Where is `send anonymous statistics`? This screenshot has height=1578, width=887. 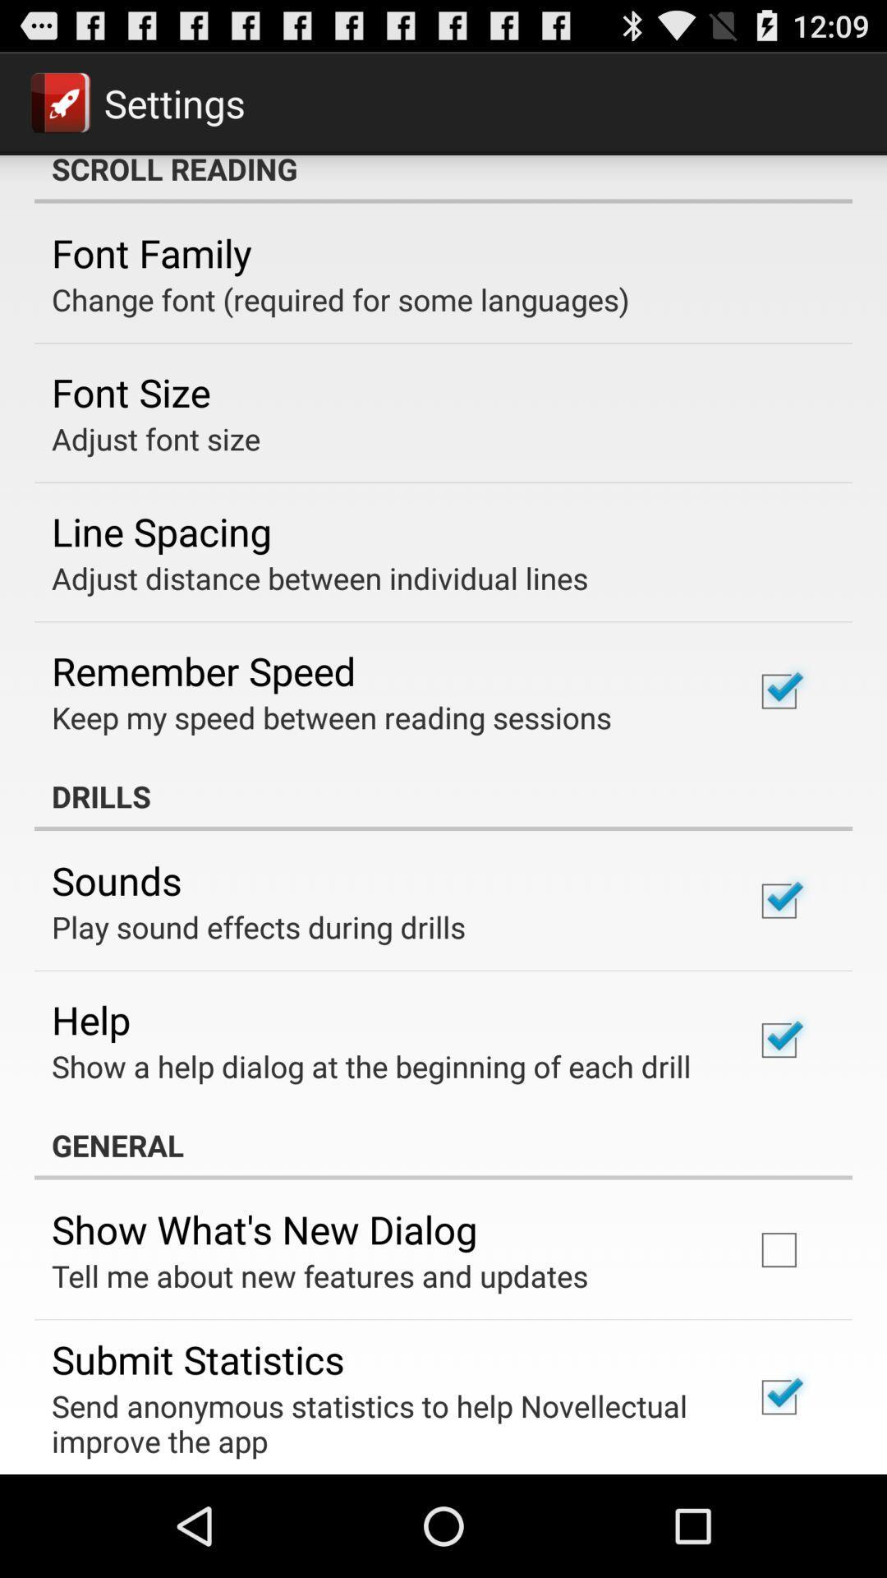
send anonymous statistics is located at coordinates (380, 1423).